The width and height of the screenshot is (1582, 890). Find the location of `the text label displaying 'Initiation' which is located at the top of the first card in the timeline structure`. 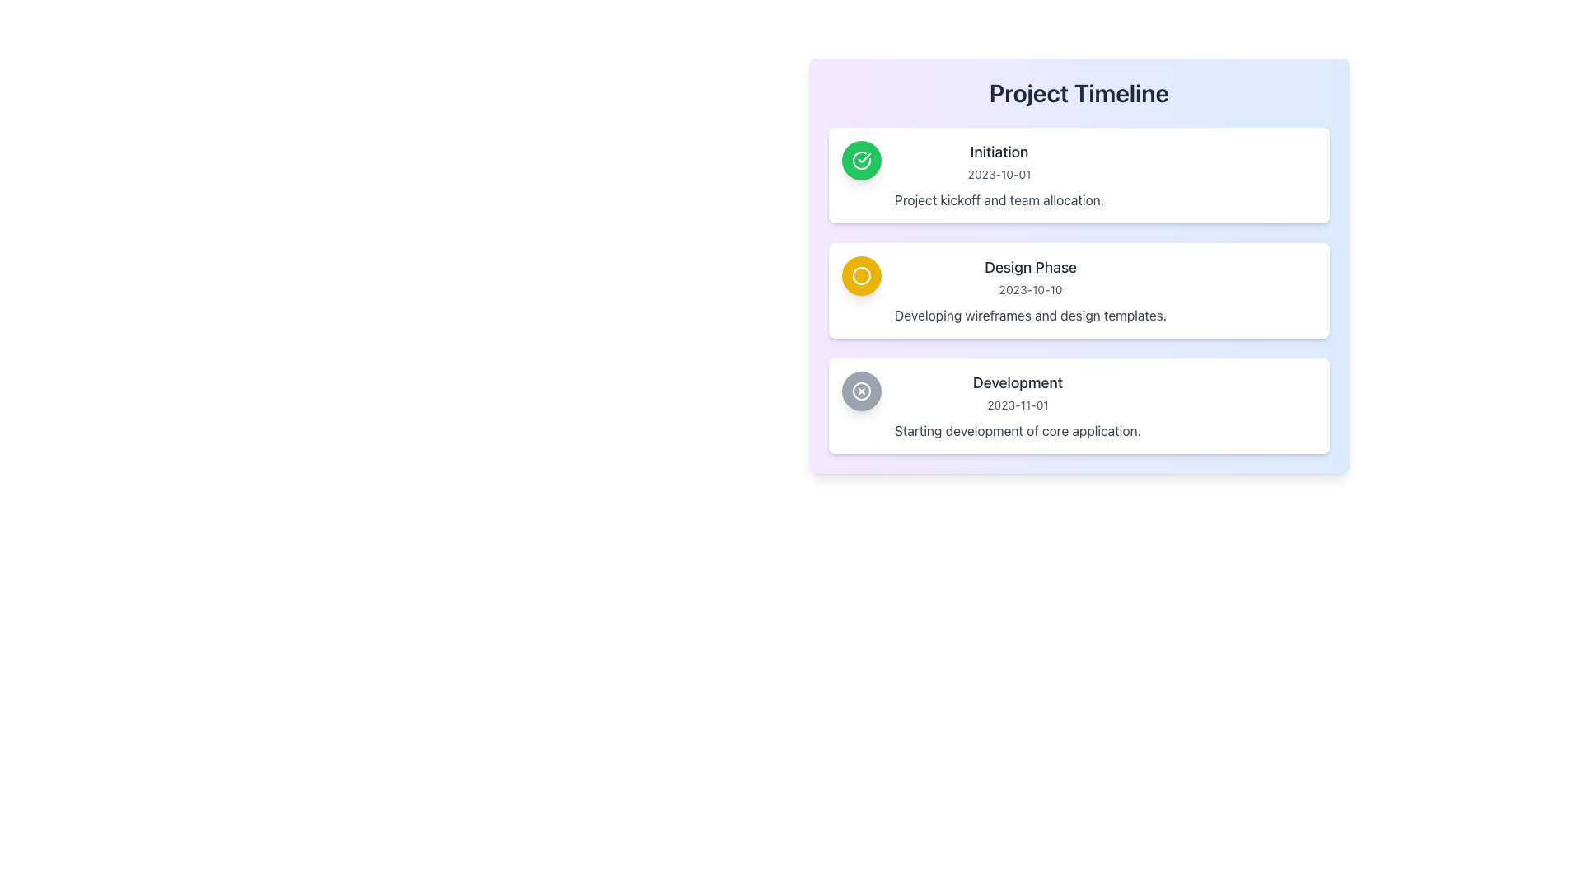

the text label displaying 'Initiation' which is located at the top of the first card in the timeline structure is located at coordinates (999, 152).